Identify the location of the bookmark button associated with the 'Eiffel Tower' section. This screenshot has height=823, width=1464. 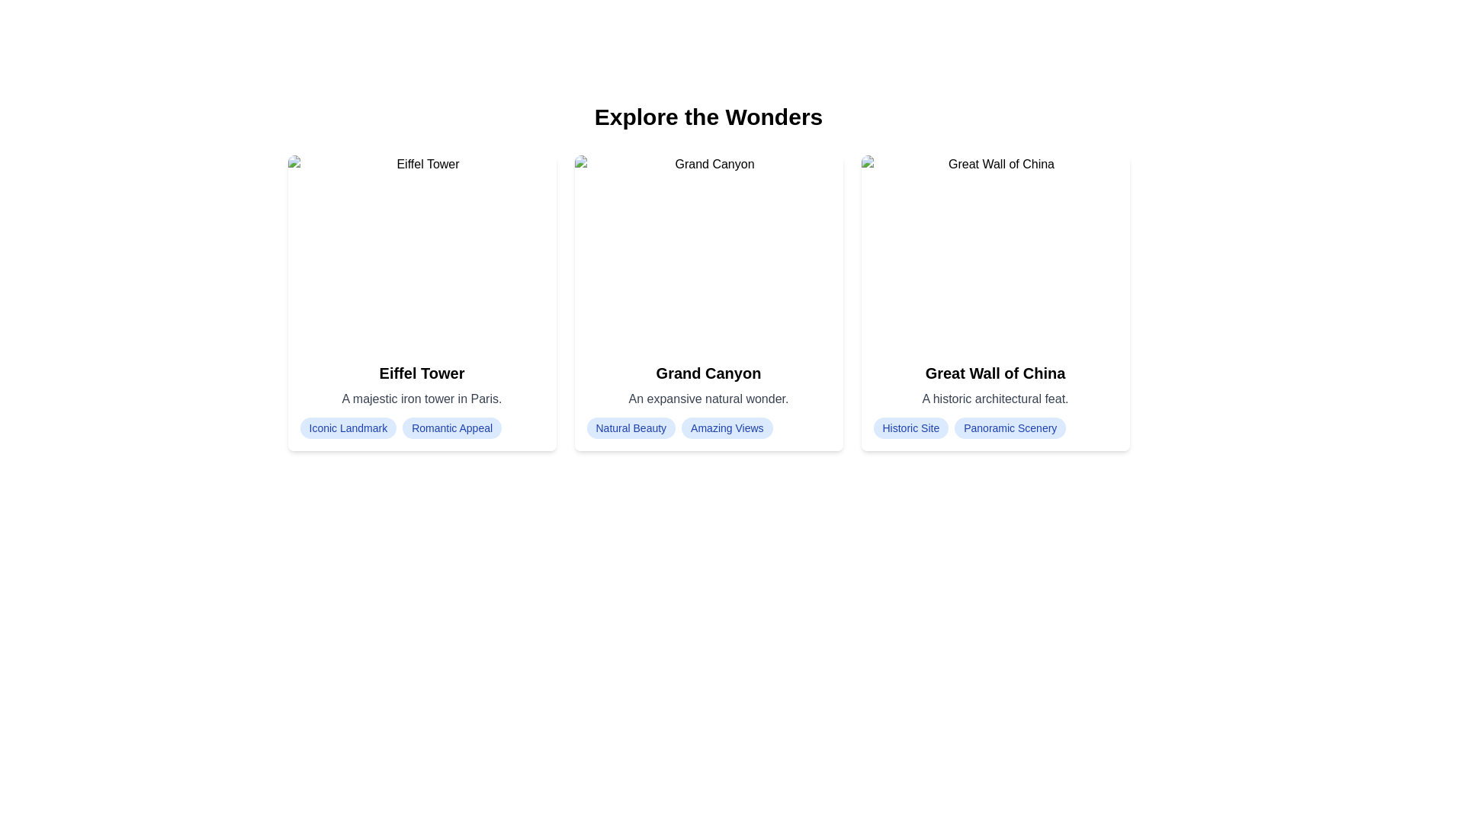
(528, 423).